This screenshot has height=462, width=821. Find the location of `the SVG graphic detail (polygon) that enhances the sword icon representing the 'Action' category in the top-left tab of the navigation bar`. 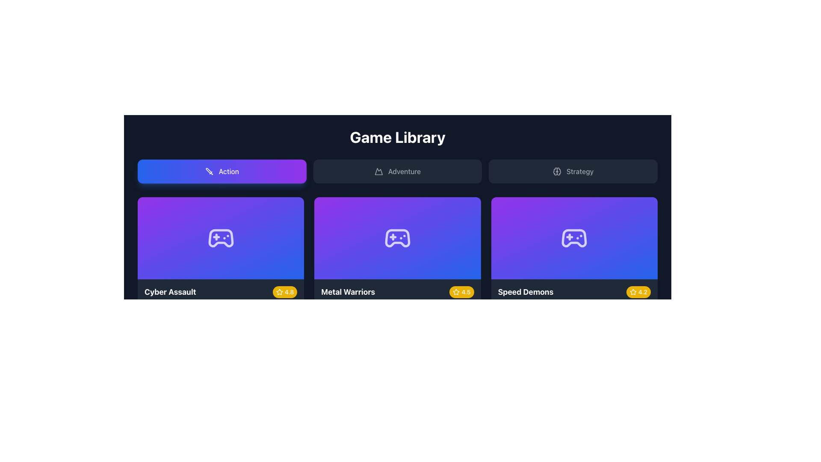

the SVG graphic detail (polygon) that enhances the sword icon representing the 'Action' category in the top-left tab of the navigation bar is located at coordinates (209, 171).